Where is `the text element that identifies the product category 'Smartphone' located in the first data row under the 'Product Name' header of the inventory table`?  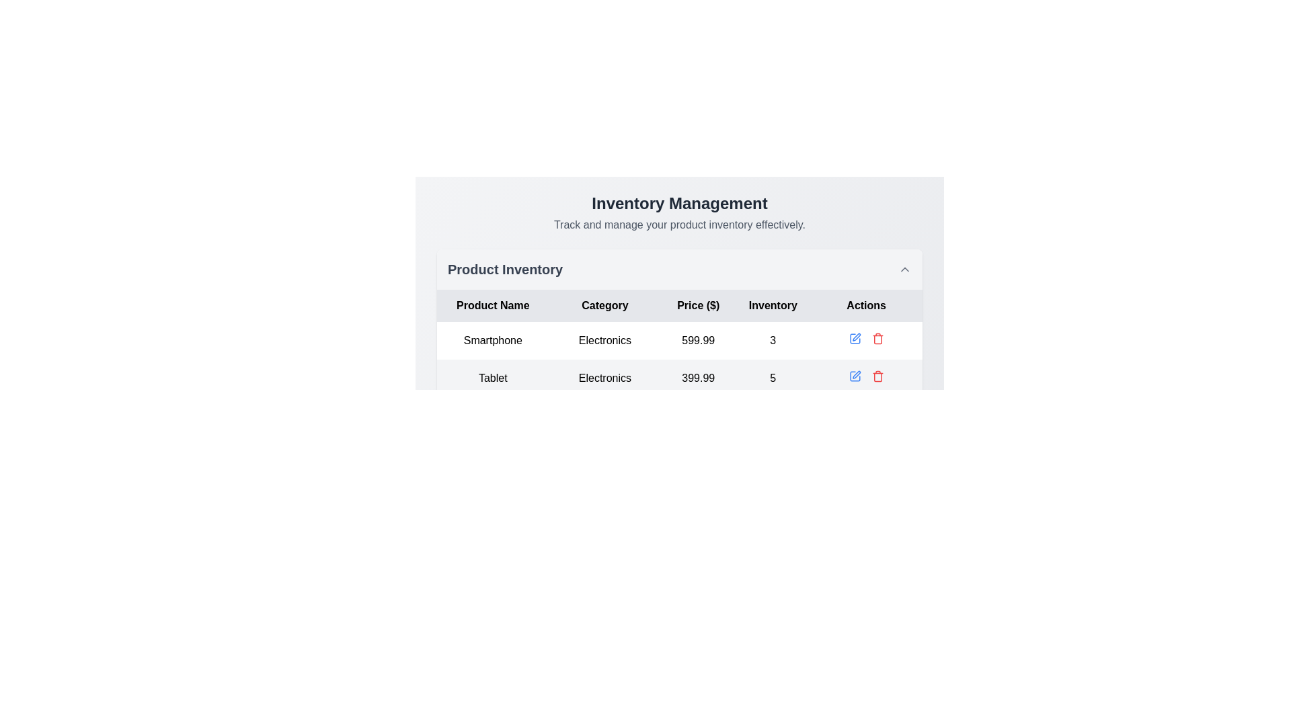
the text element that identifies the product category 'Smartphone' located in the first data row under the 'Product Name' header of the inventory table is located at coordinates (492, 339).